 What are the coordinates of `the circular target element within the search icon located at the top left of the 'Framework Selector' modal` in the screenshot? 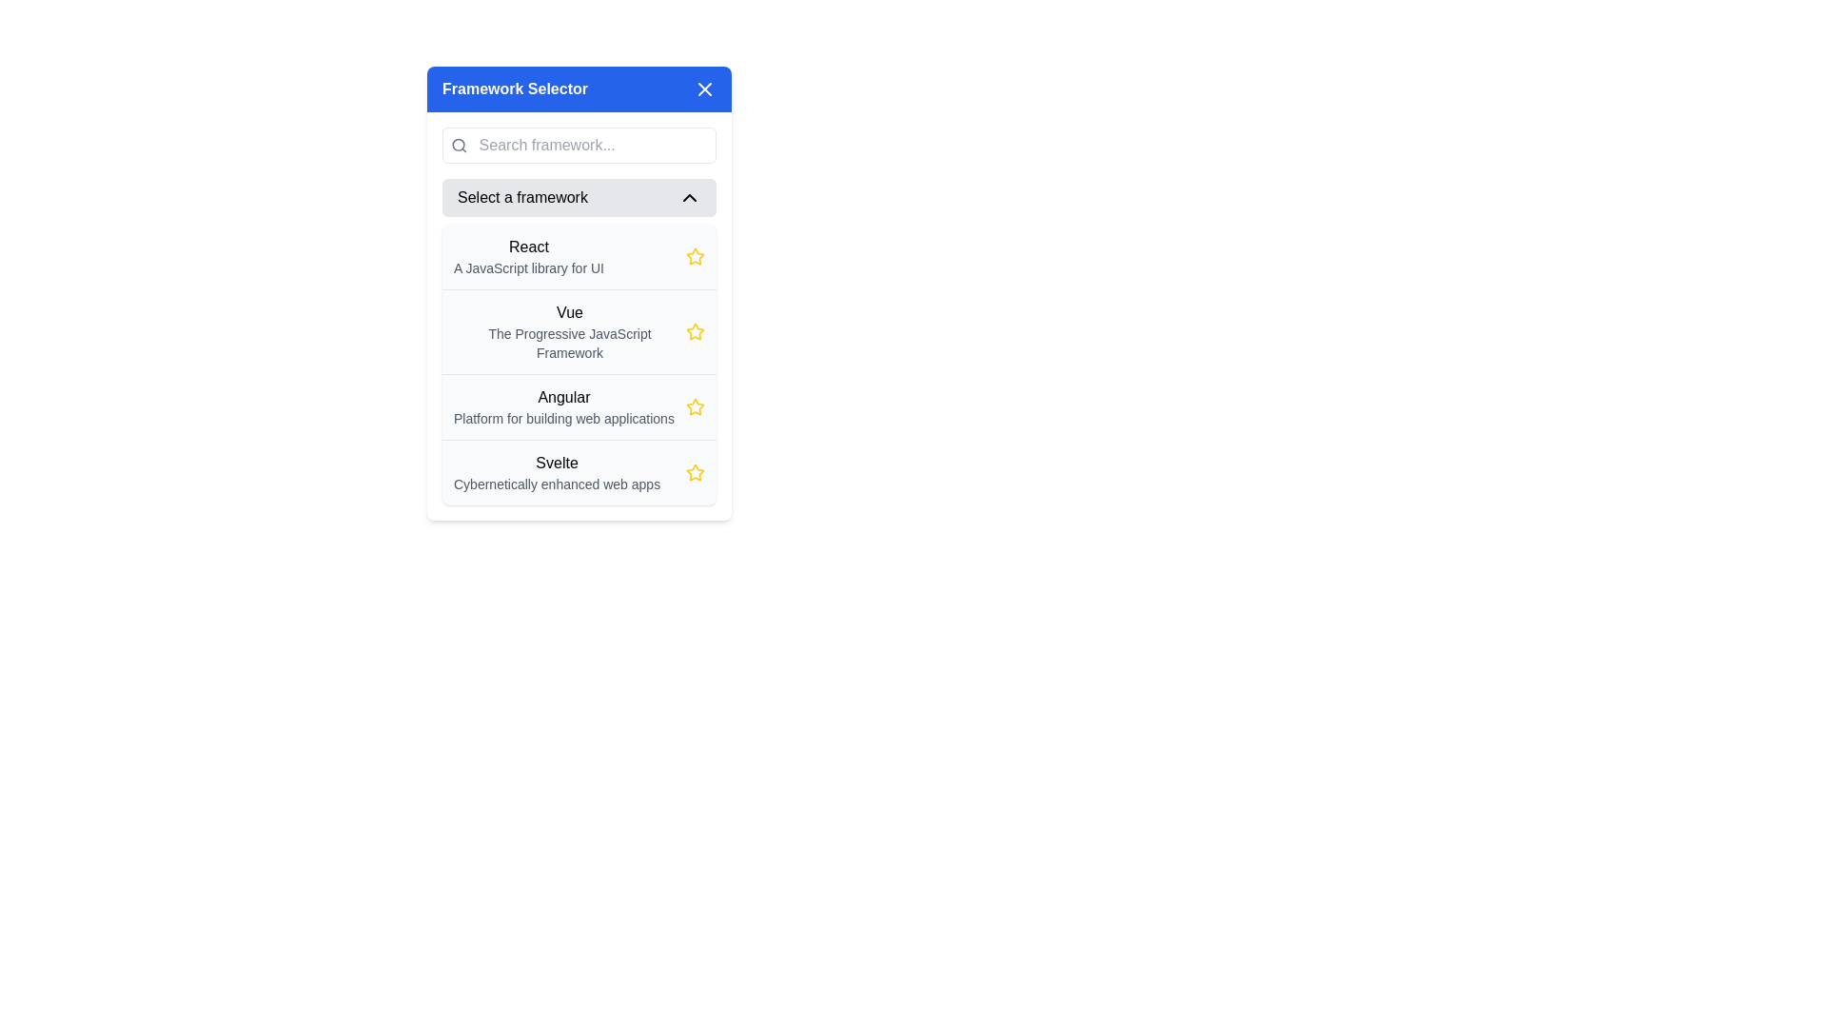 It's located at (459, 144).